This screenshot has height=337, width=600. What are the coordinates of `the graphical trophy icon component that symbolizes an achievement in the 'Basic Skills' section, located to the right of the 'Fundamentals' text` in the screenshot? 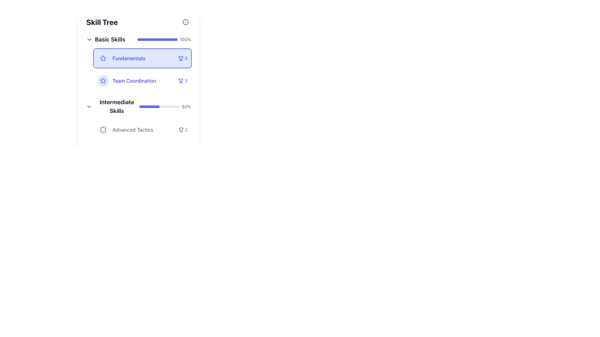 It's located at (181, 80).